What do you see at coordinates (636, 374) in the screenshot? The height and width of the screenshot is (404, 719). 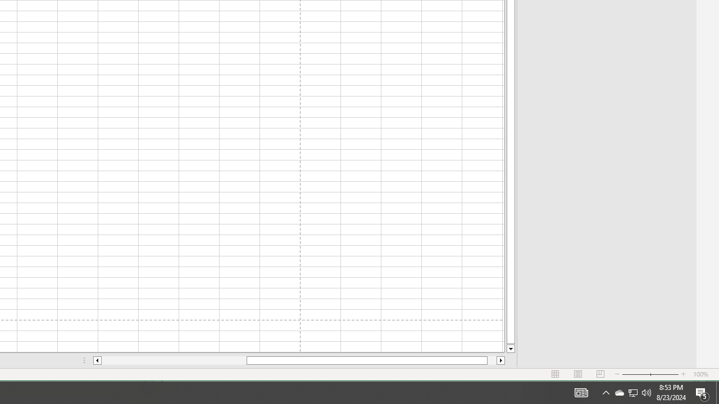 I see `'Zoom Out'` at bounding box center [636, 374].